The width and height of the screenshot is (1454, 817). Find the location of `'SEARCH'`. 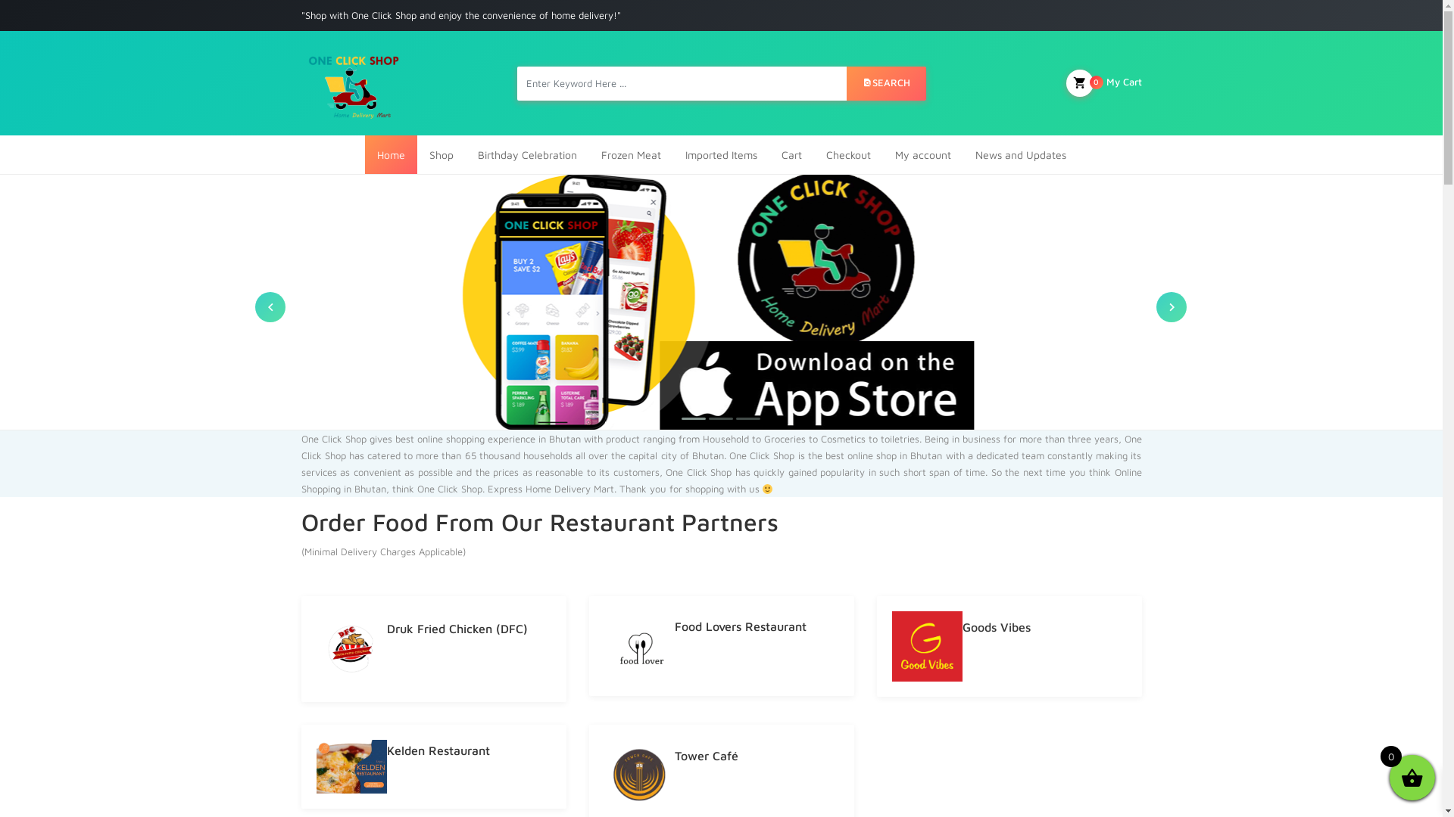

'SEARCH' is located at coordinates (846, 83).